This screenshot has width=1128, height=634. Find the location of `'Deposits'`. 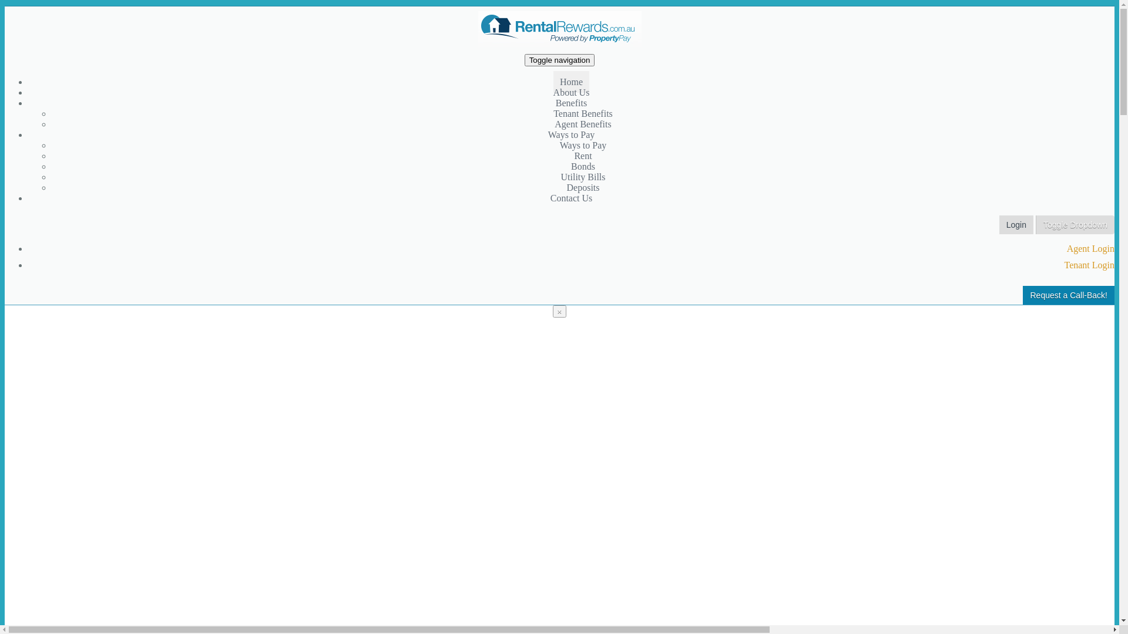

'Deposits' is located at coordinates (583, 187).